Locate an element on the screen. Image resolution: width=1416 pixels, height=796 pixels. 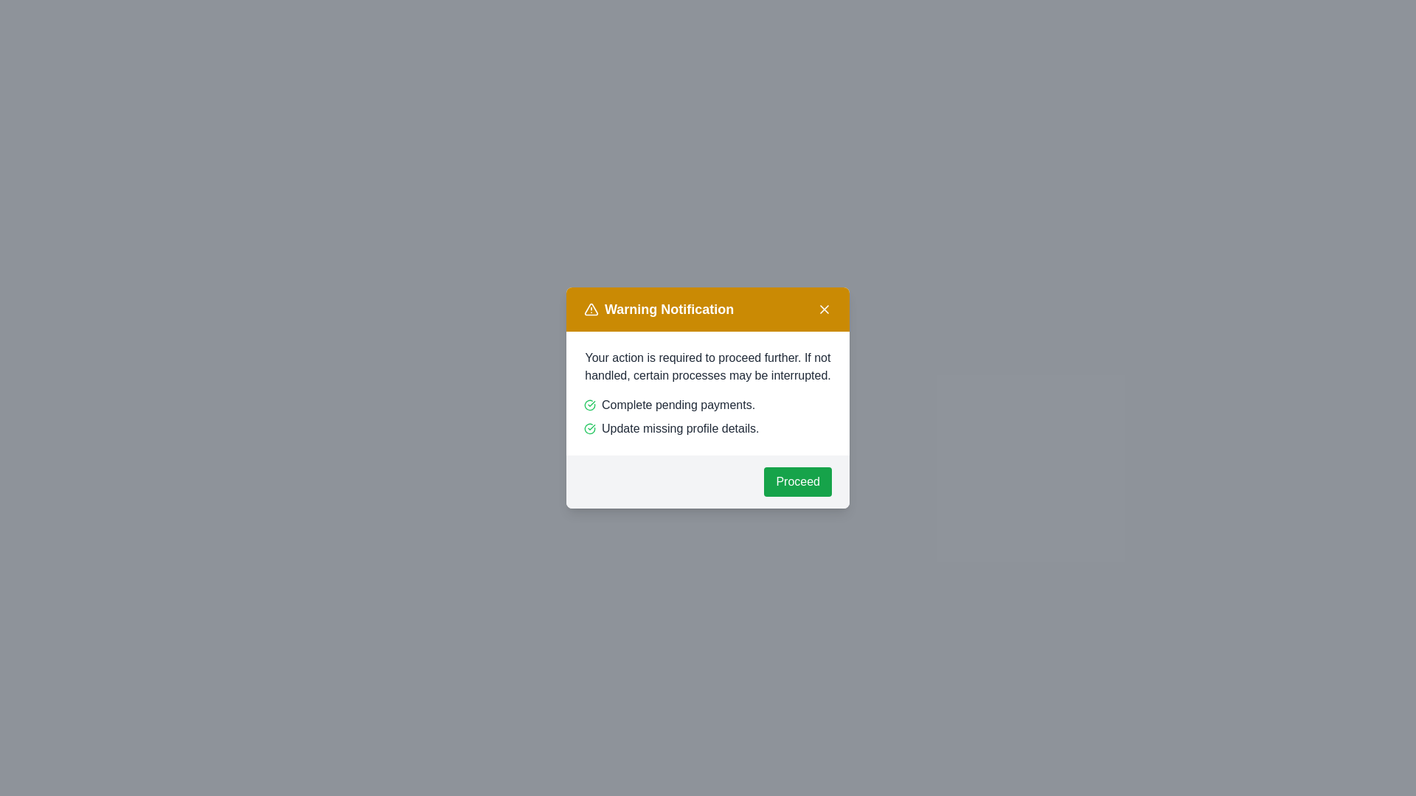
the alert icon located at the top-left of the notification dialog box before the title text 'Warning Notification' is located at coordinates (591, 309).